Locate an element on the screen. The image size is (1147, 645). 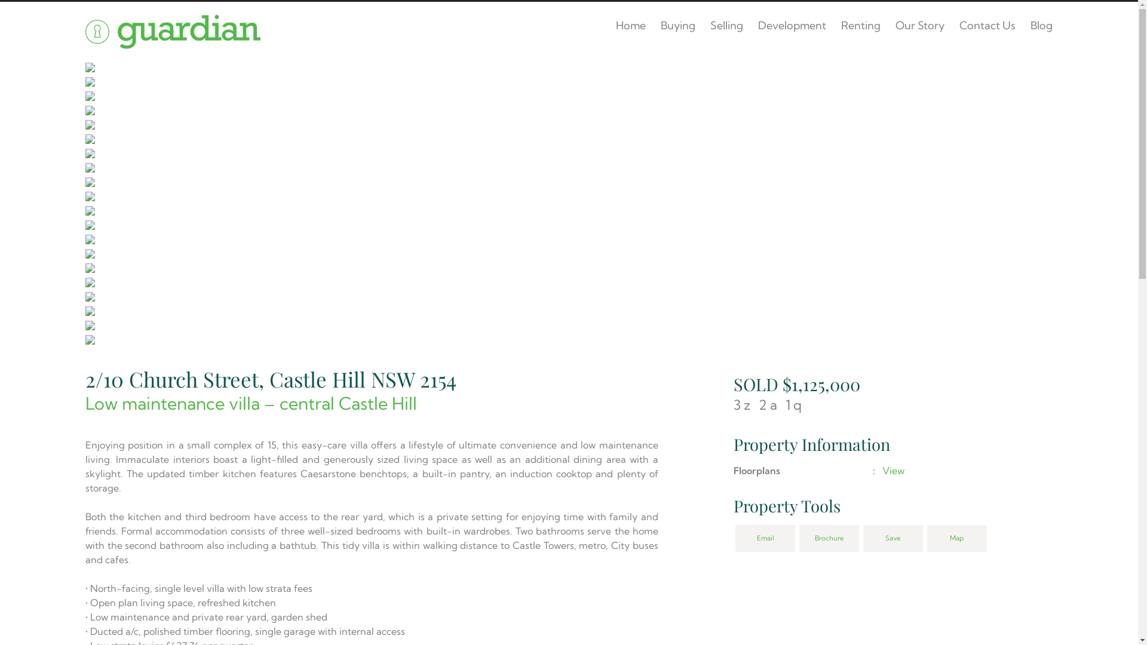
'Blog' is located at coordinates (1041, 25).